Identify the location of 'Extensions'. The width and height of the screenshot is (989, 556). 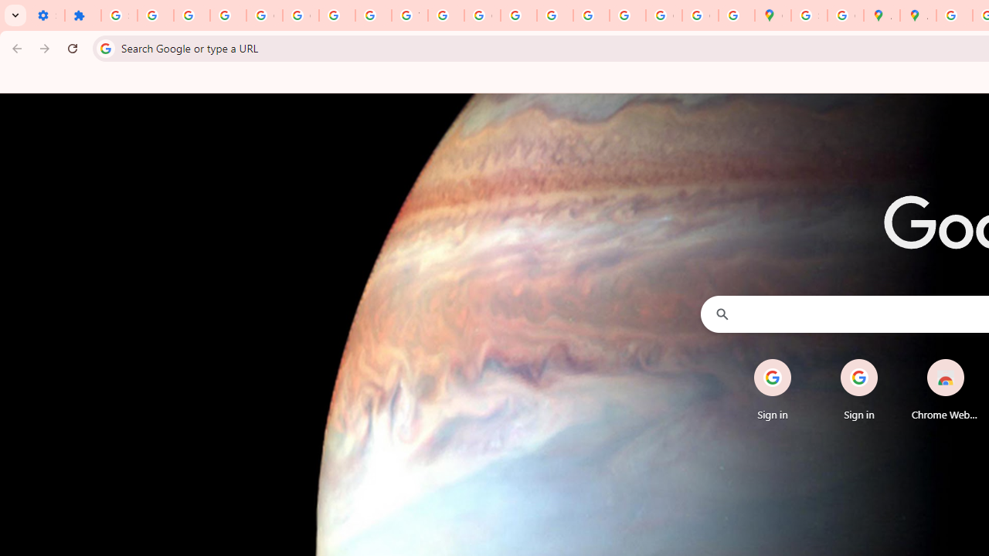
(82, 15).